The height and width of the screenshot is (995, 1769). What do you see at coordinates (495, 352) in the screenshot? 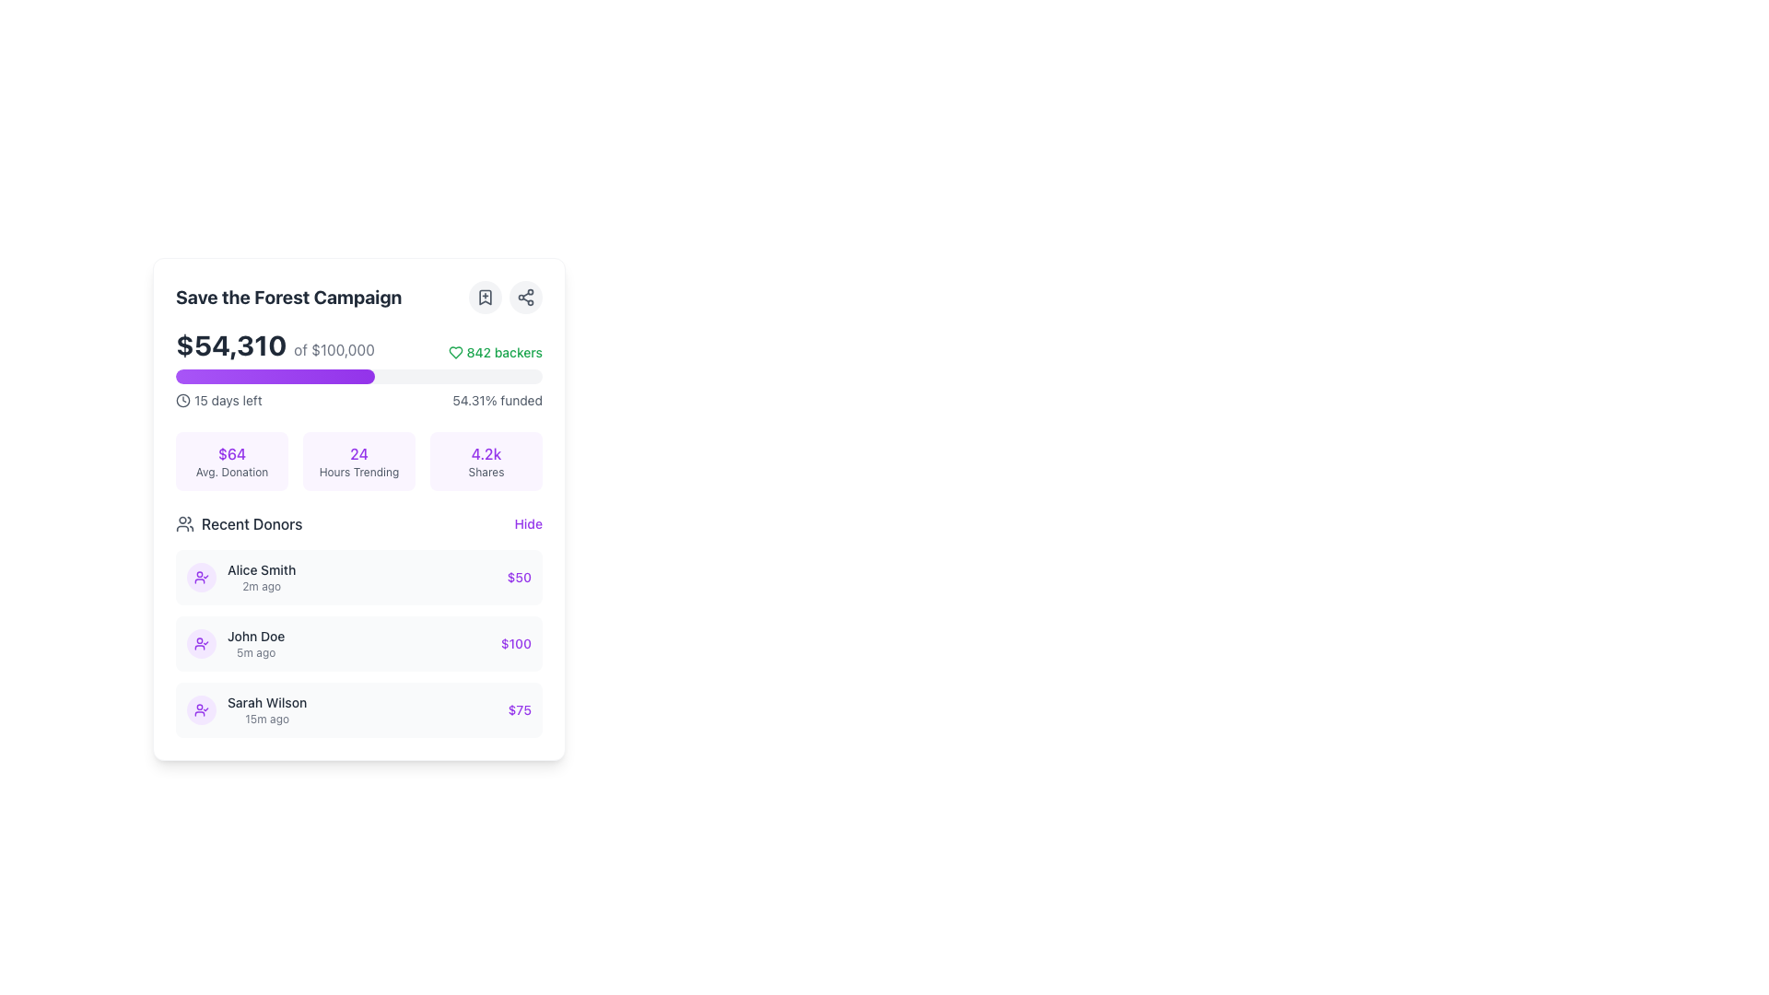
I see `text of the backers count label located in the top-right section of the 'Save the Forest Campaign' card, adjacent to the funding display` at bounding box center [495, 352].